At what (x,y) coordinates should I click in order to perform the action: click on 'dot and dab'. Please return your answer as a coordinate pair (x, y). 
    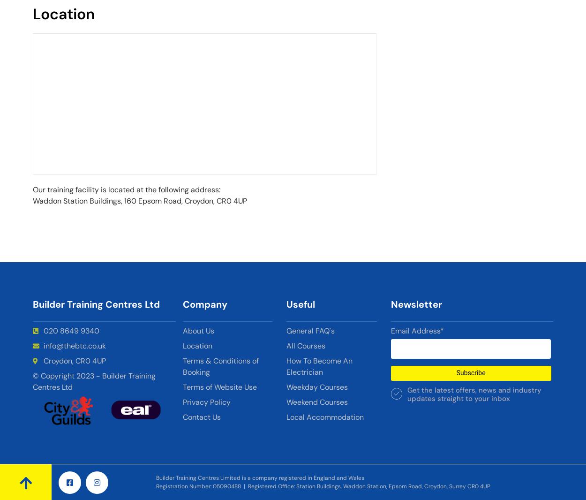
    Looking at the image, I should click on (92, 256).